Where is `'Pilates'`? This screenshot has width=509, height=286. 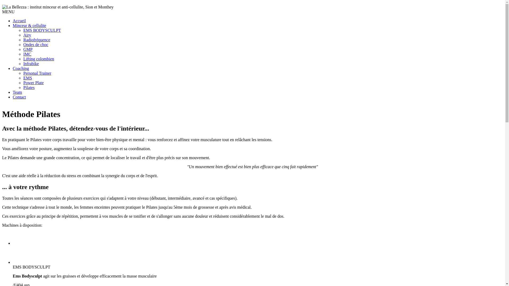 'Pilates' is located at coordinates (29, 87).